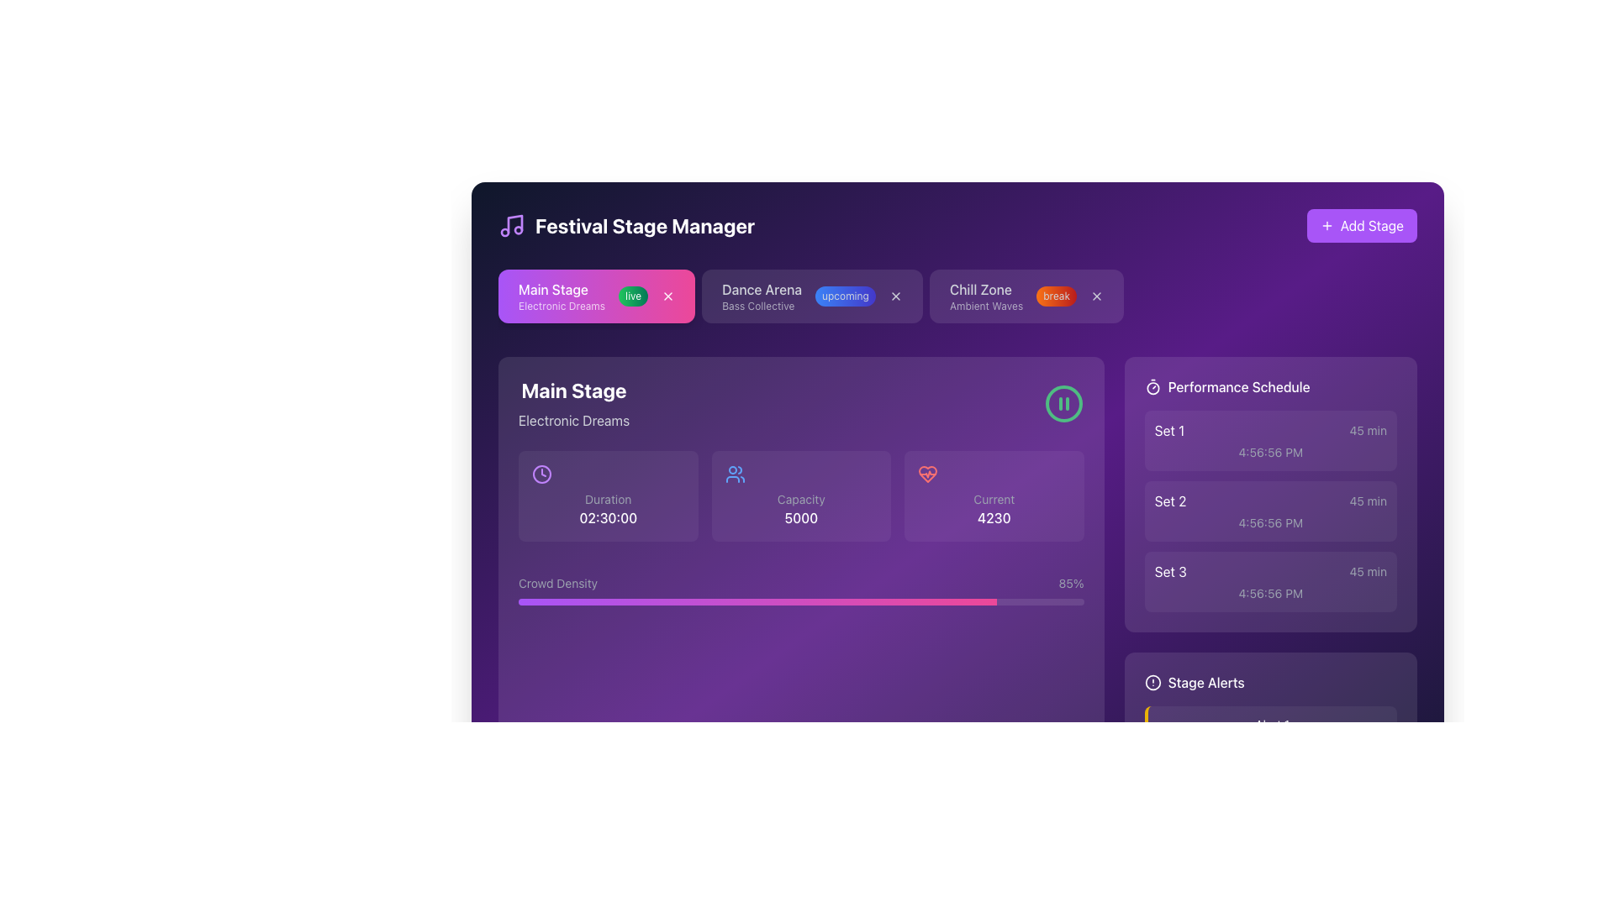  Describe the element at coordinates (1097, 296) in the screenshot. I see `the dismissal button in the 'Chill Zone' card, located to the right of the label 'break' and adjacent to 'Ambient Waves', to change its color` at that location.